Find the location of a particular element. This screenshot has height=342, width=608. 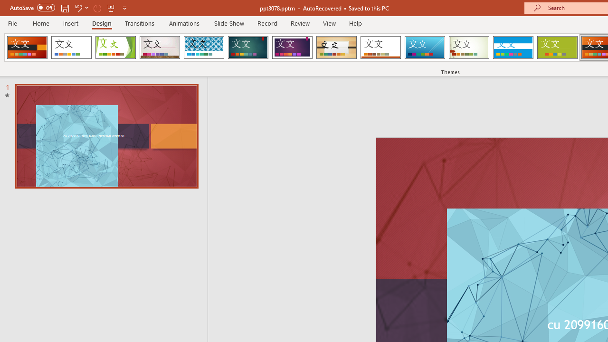

'Slice' is located at coordinates (424, 47).